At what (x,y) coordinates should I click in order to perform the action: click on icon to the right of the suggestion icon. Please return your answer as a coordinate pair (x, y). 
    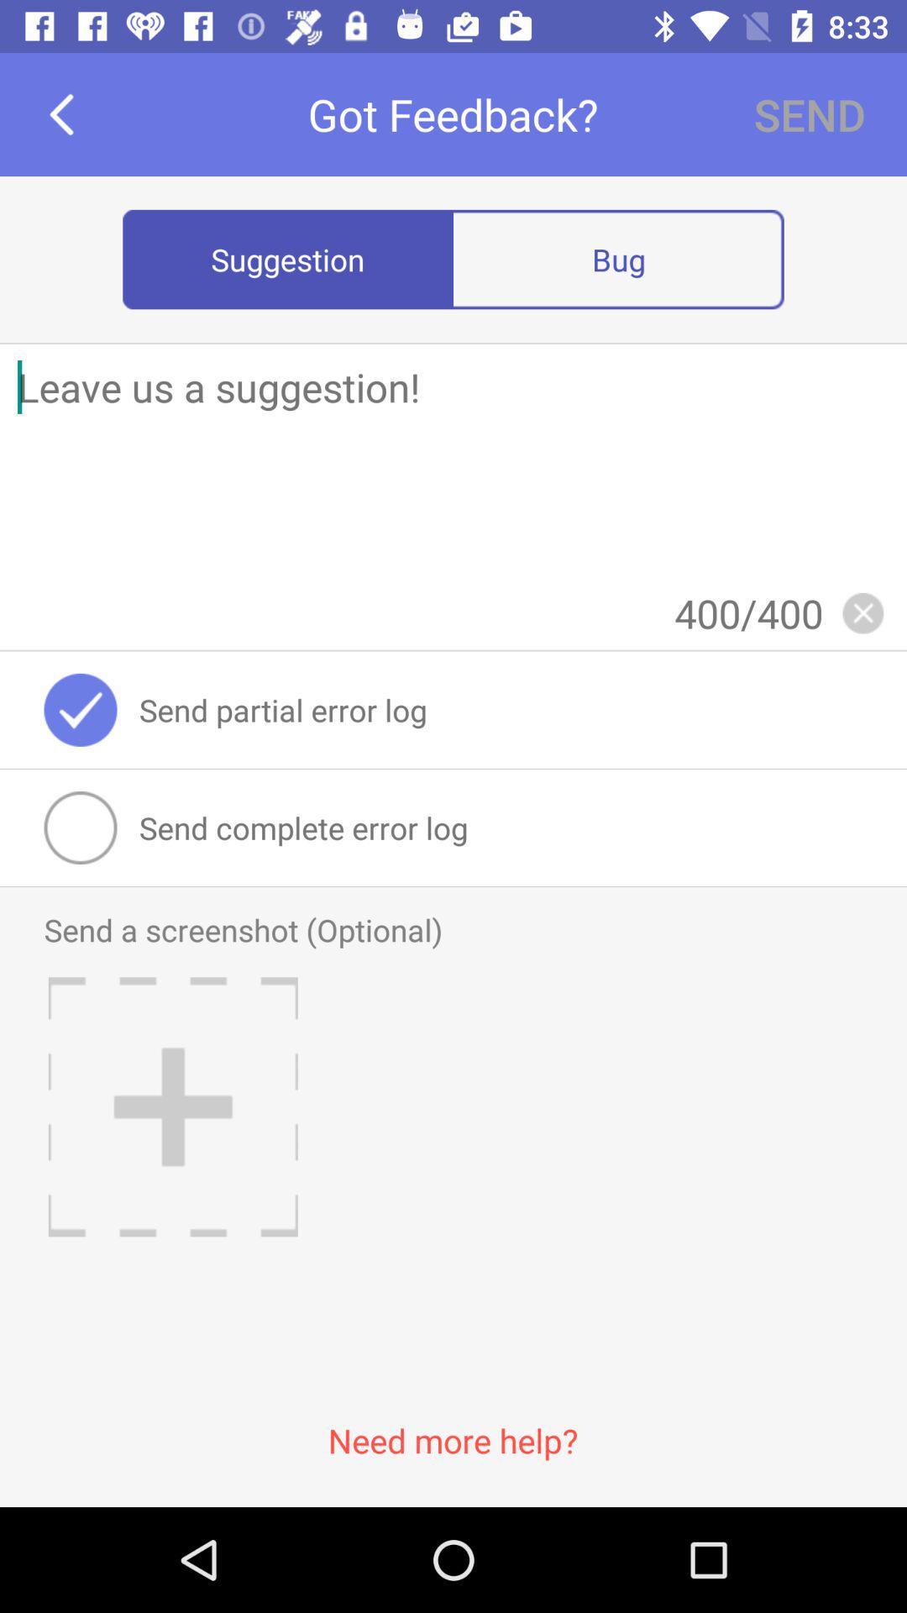
    Looking at the image, I should click on (618, 258).